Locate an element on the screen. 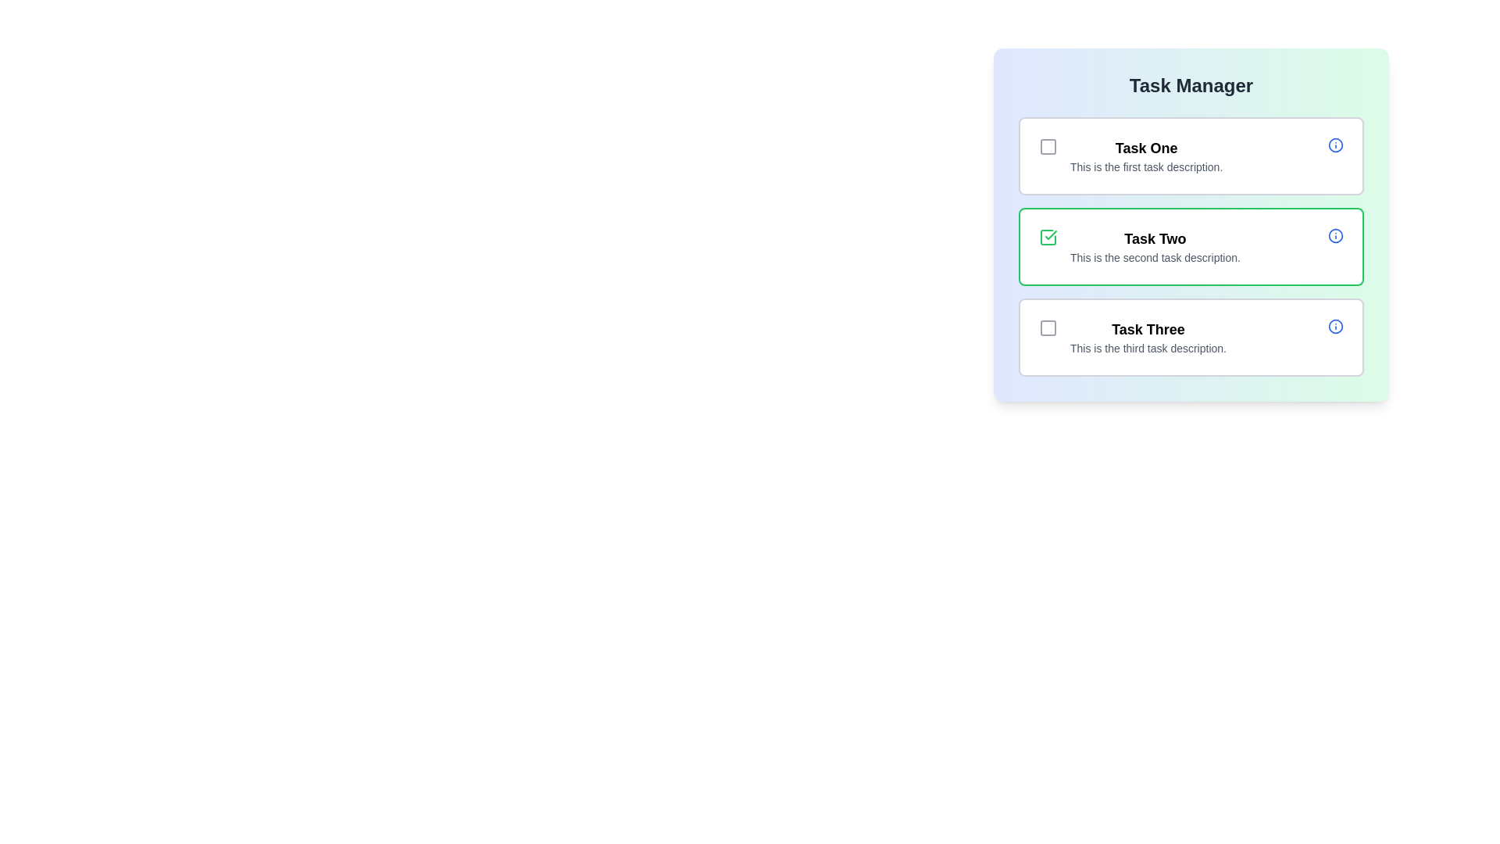  the static text element that provides information about the third task in the task manager interface, located below 'Task Three' is located at coordinates (1148, 348).